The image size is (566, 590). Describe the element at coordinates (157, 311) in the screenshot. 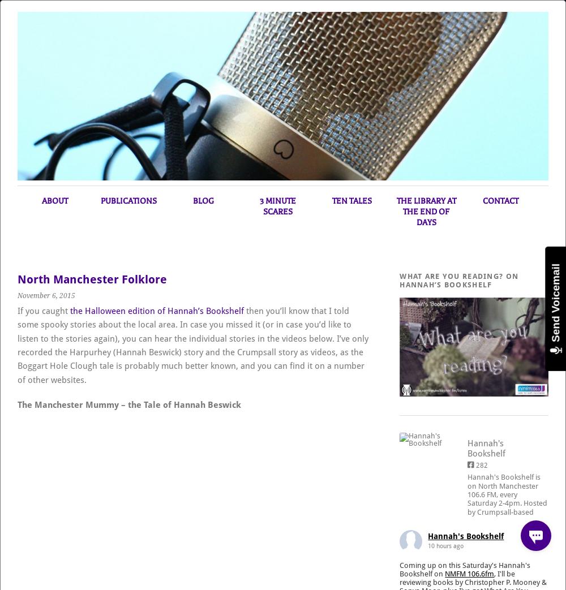

I see `'the Halloween edition of Hannah’s Bookshelf'` at that location.